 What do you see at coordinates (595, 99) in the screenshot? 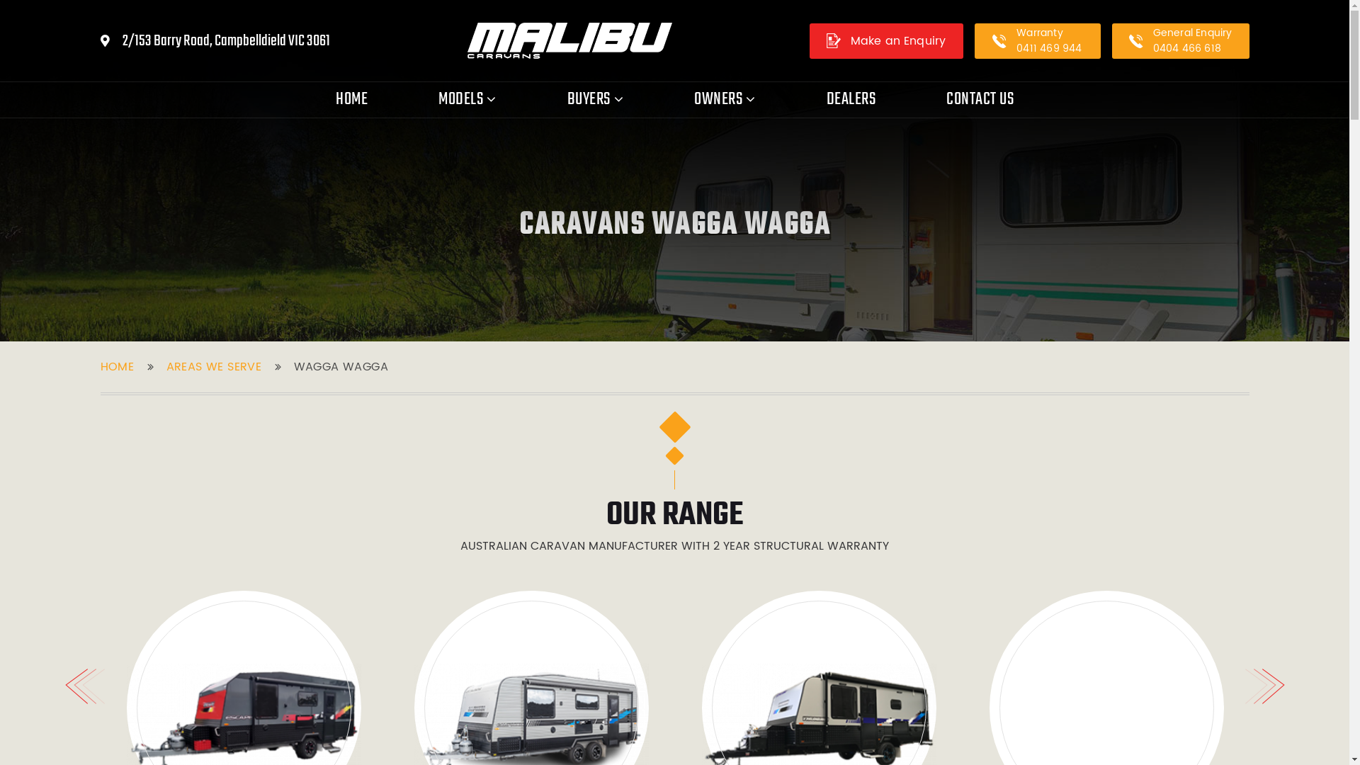
I see `'BUYERS'` at bounding box center [595, 99].